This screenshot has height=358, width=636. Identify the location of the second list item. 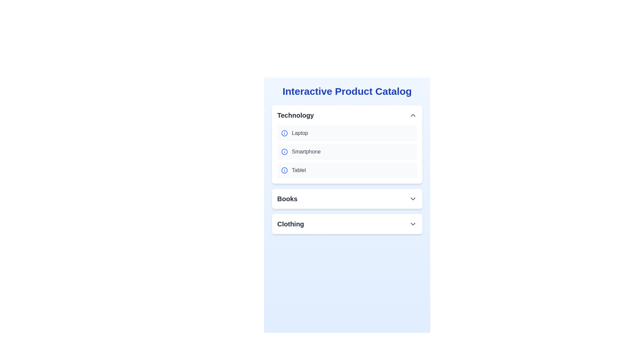
(346, 152).